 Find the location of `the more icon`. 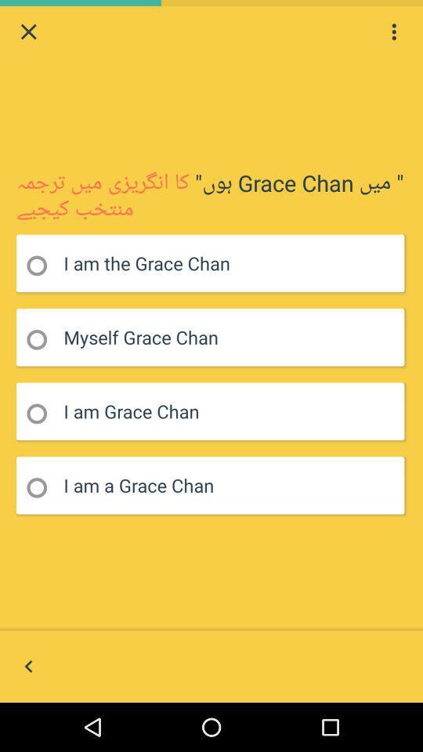

the more icon is located at coordinates (393, 33).